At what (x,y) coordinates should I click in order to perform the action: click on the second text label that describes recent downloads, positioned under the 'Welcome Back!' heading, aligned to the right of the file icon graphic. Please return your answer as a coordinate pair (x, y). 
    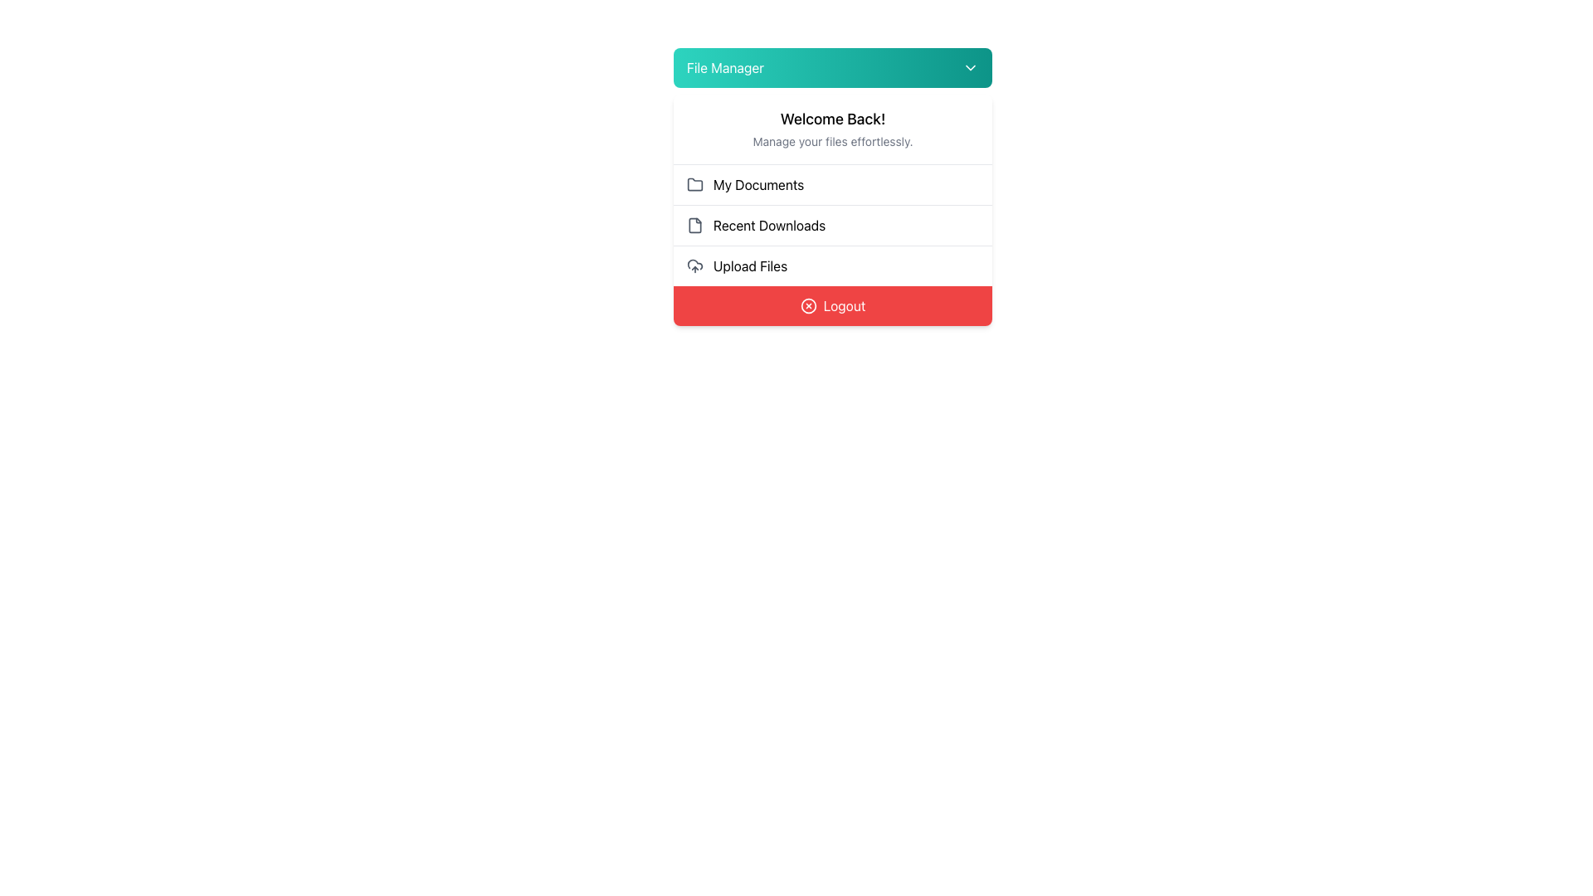
    Looking at the image, I should click on (768, 226).